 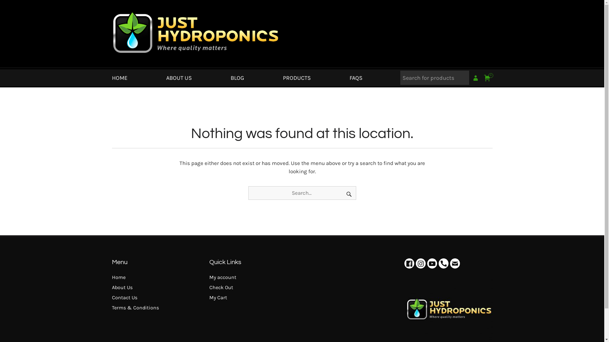 What do you see at coordinates (297, 78) in the screenshot?
I see `'PRODUCTS'` at bounding box center [297, 78].